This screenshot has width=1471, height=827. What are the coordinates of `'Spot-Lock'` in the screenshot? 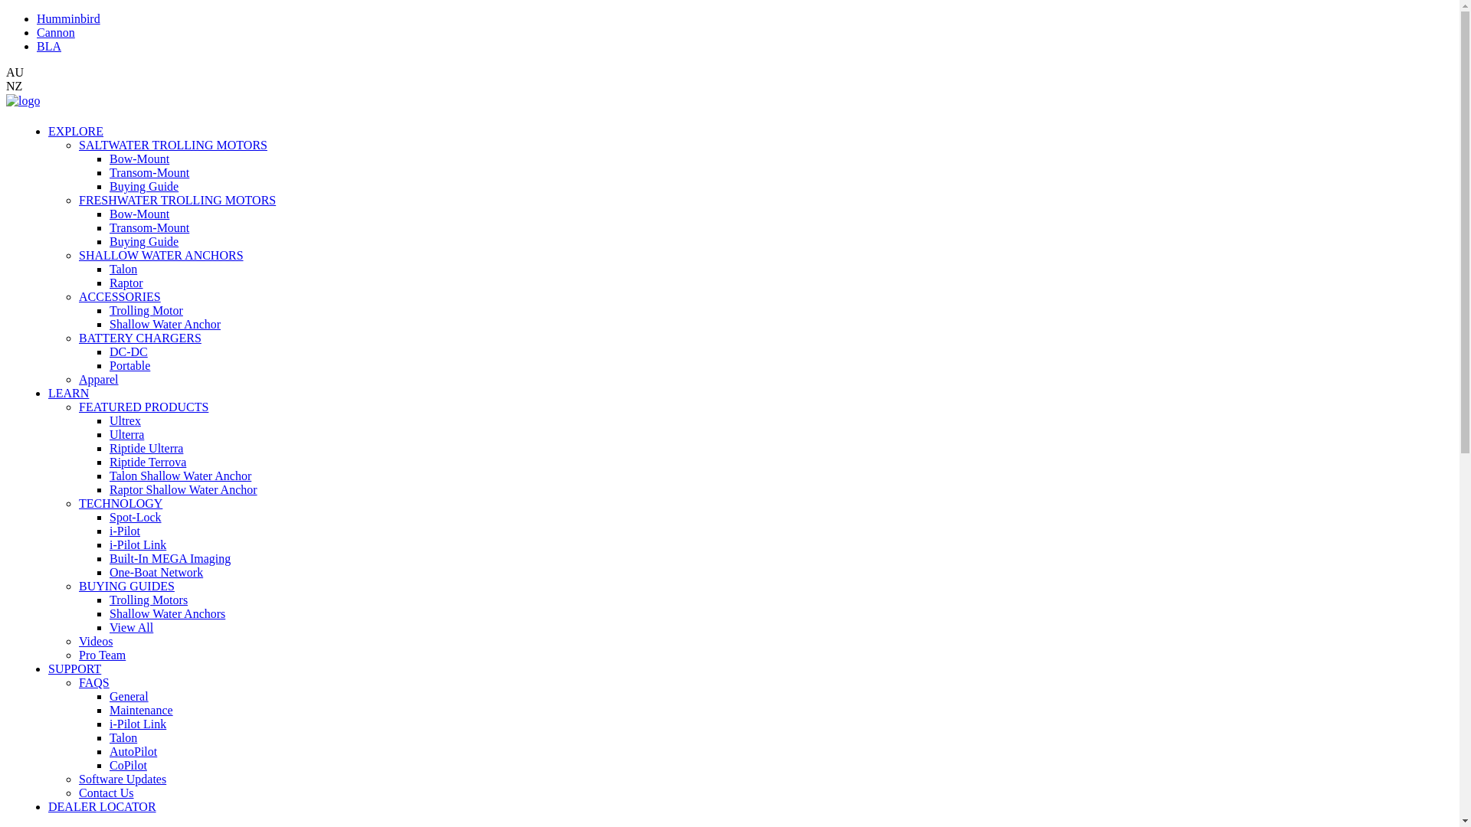 It's located at (109, 517).